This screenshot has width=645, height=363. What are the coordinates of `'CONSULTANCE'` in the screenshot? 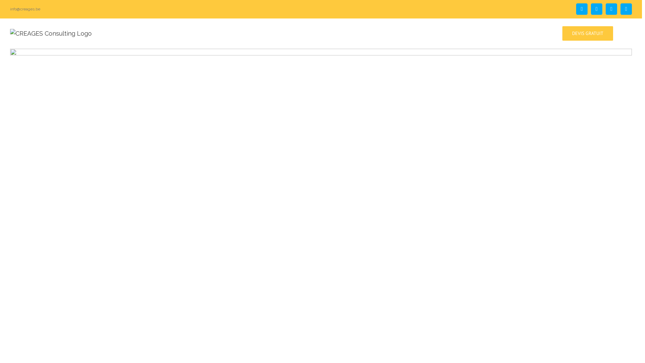 It's located at (348, 33).